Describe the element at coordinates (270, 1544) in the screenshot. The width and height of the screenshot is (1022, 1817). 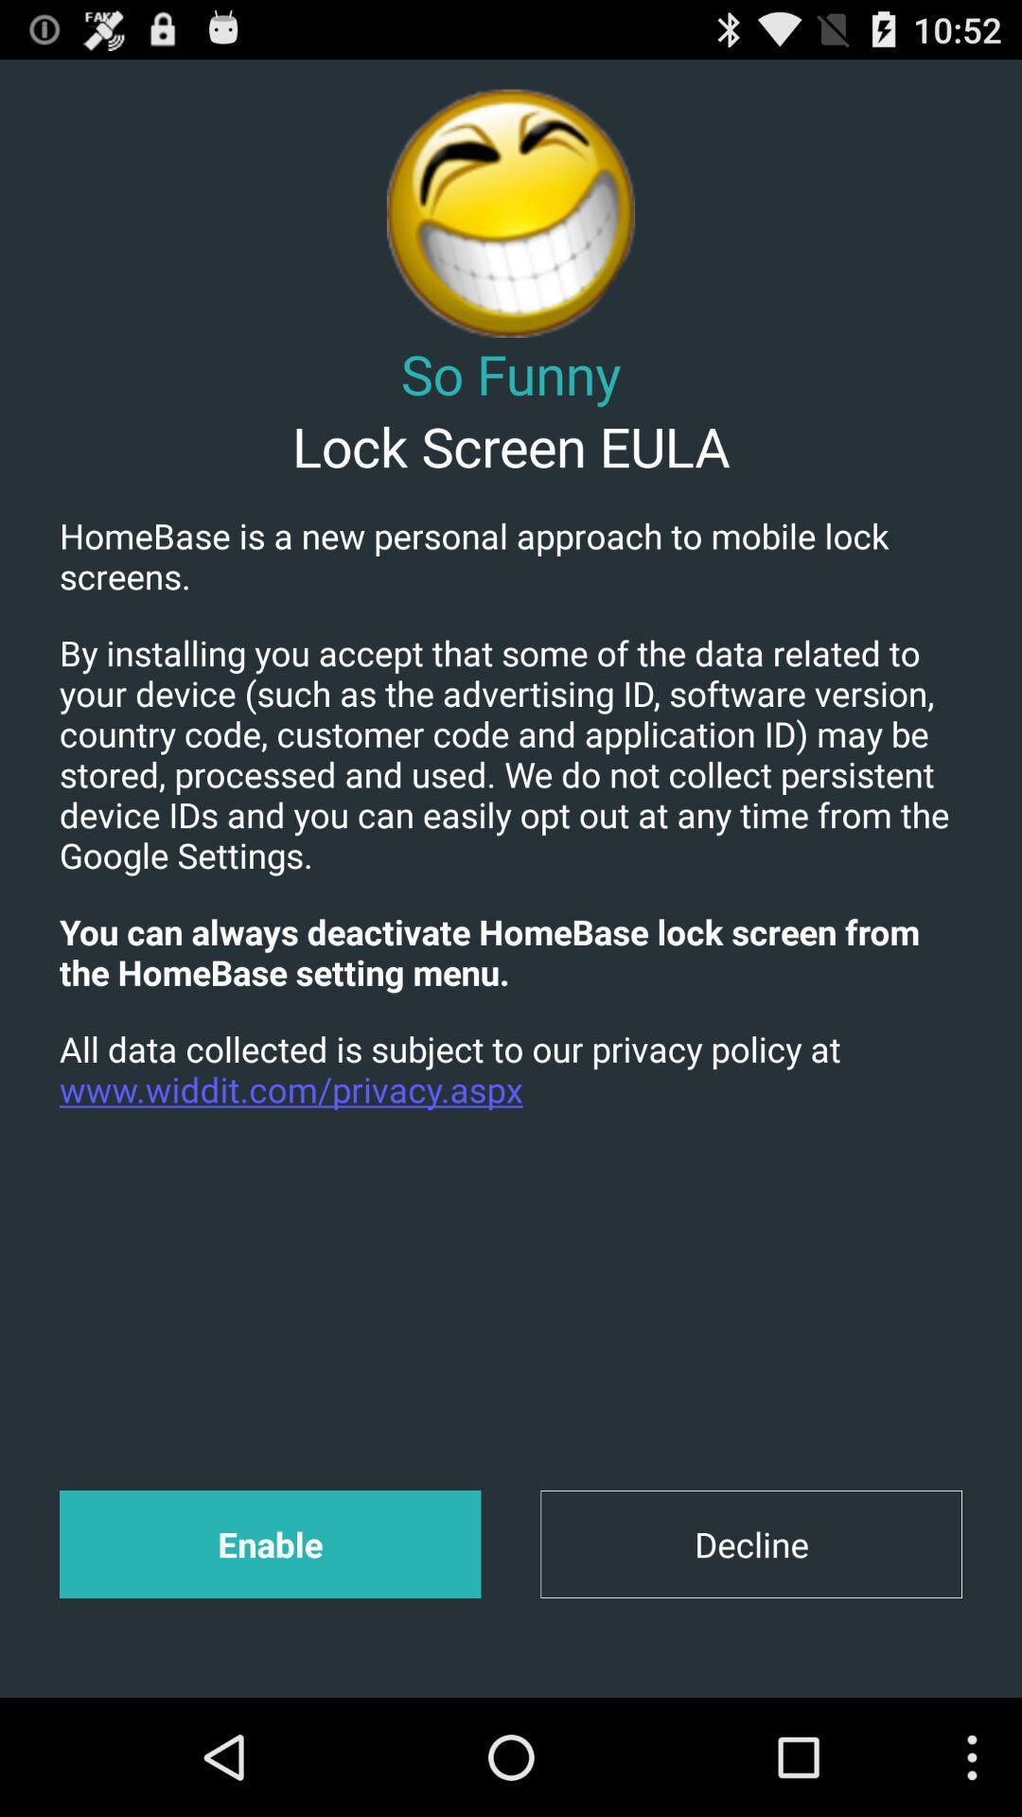
I see `item at the bottom left corner` at that location.